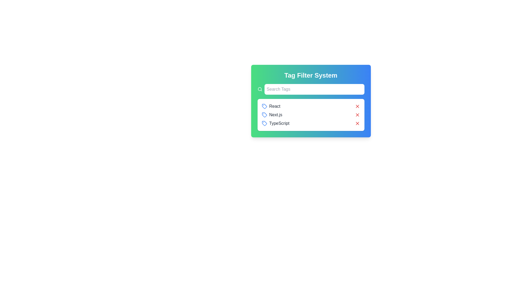  I want to click on the list item labeled 'TypeScript' to select it, so click(311, 123).